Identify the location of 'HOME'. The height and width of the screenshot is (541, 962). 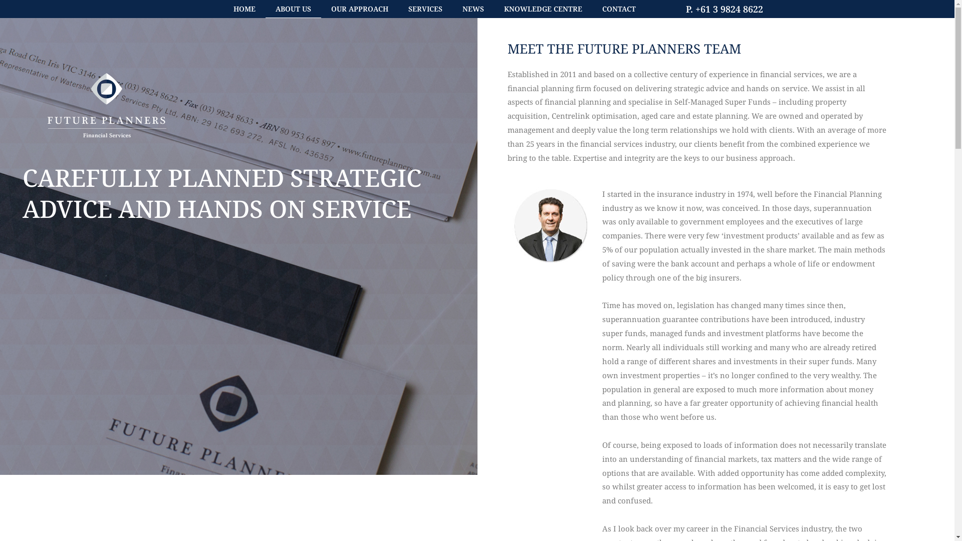
(245, 9).